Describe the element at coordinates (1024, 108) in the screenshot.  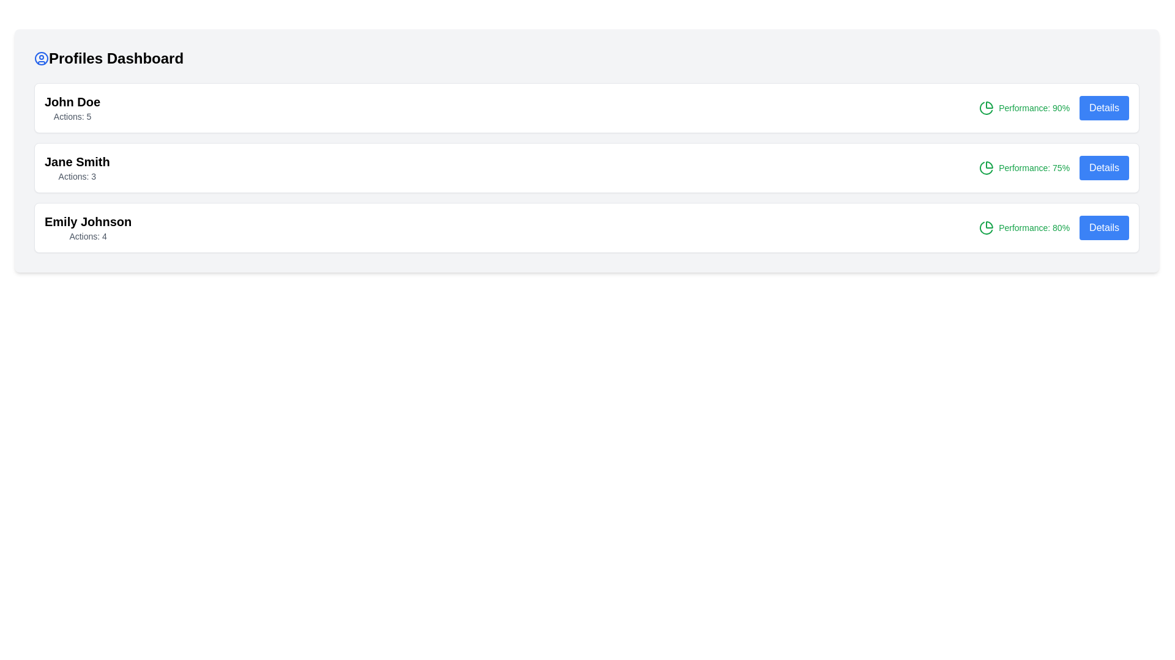
I see `performance value displayed in the informational indicator located in the first row, immediately before the 'Details' button` at that location.